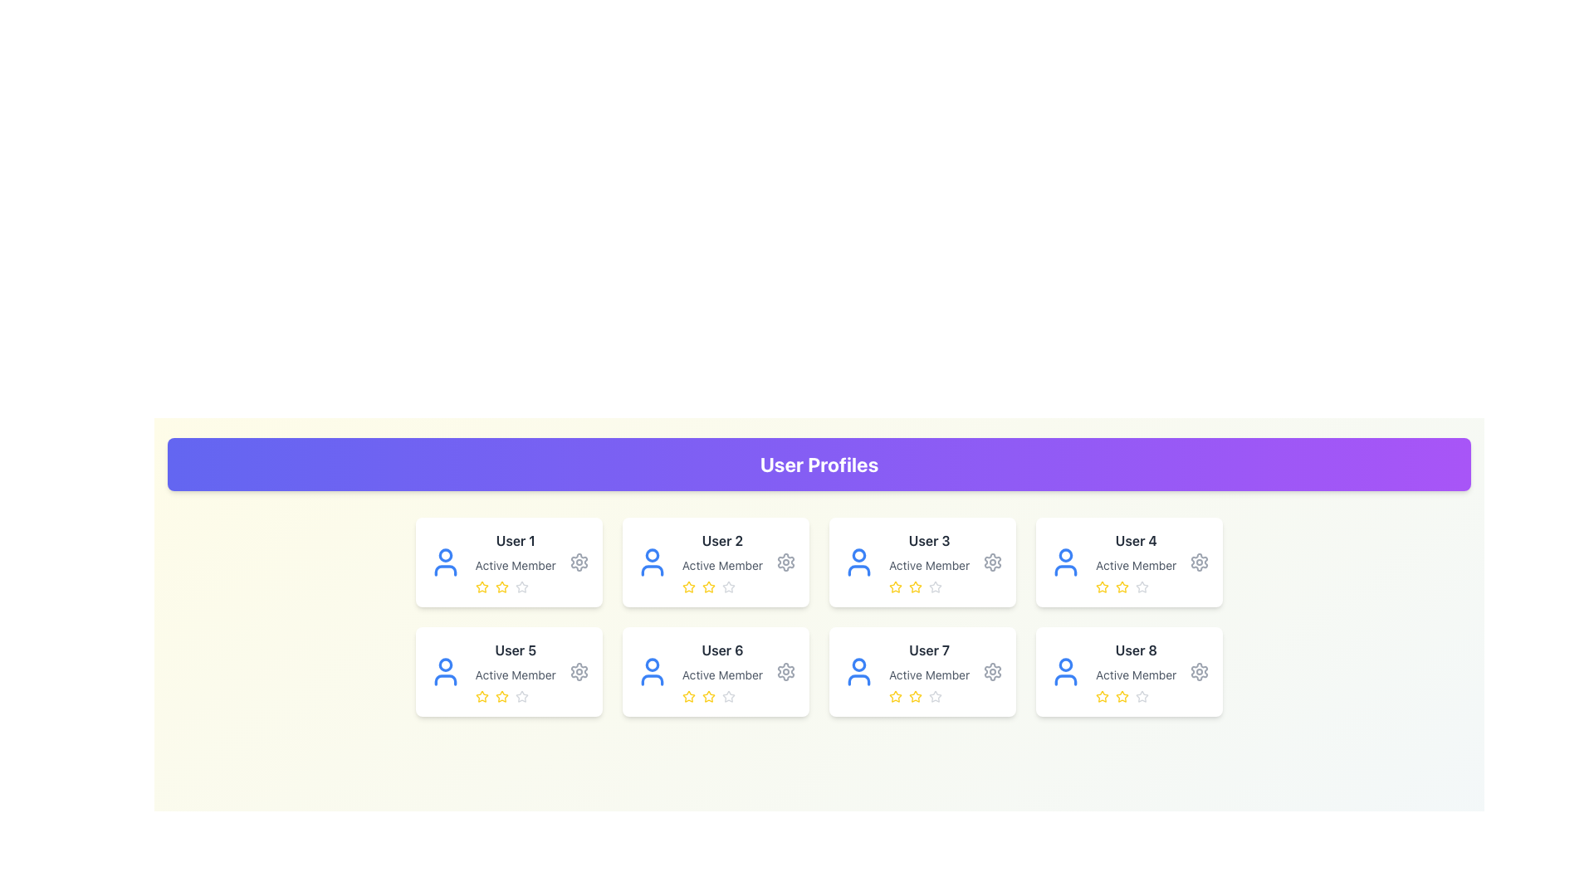 This screenshot has width=1594, height=896. What do you see at coordinates (859, 680) in the screenshot?
I see `the bottom part of the user profile icon for 'User 7'` at bounding box center [859, 680].